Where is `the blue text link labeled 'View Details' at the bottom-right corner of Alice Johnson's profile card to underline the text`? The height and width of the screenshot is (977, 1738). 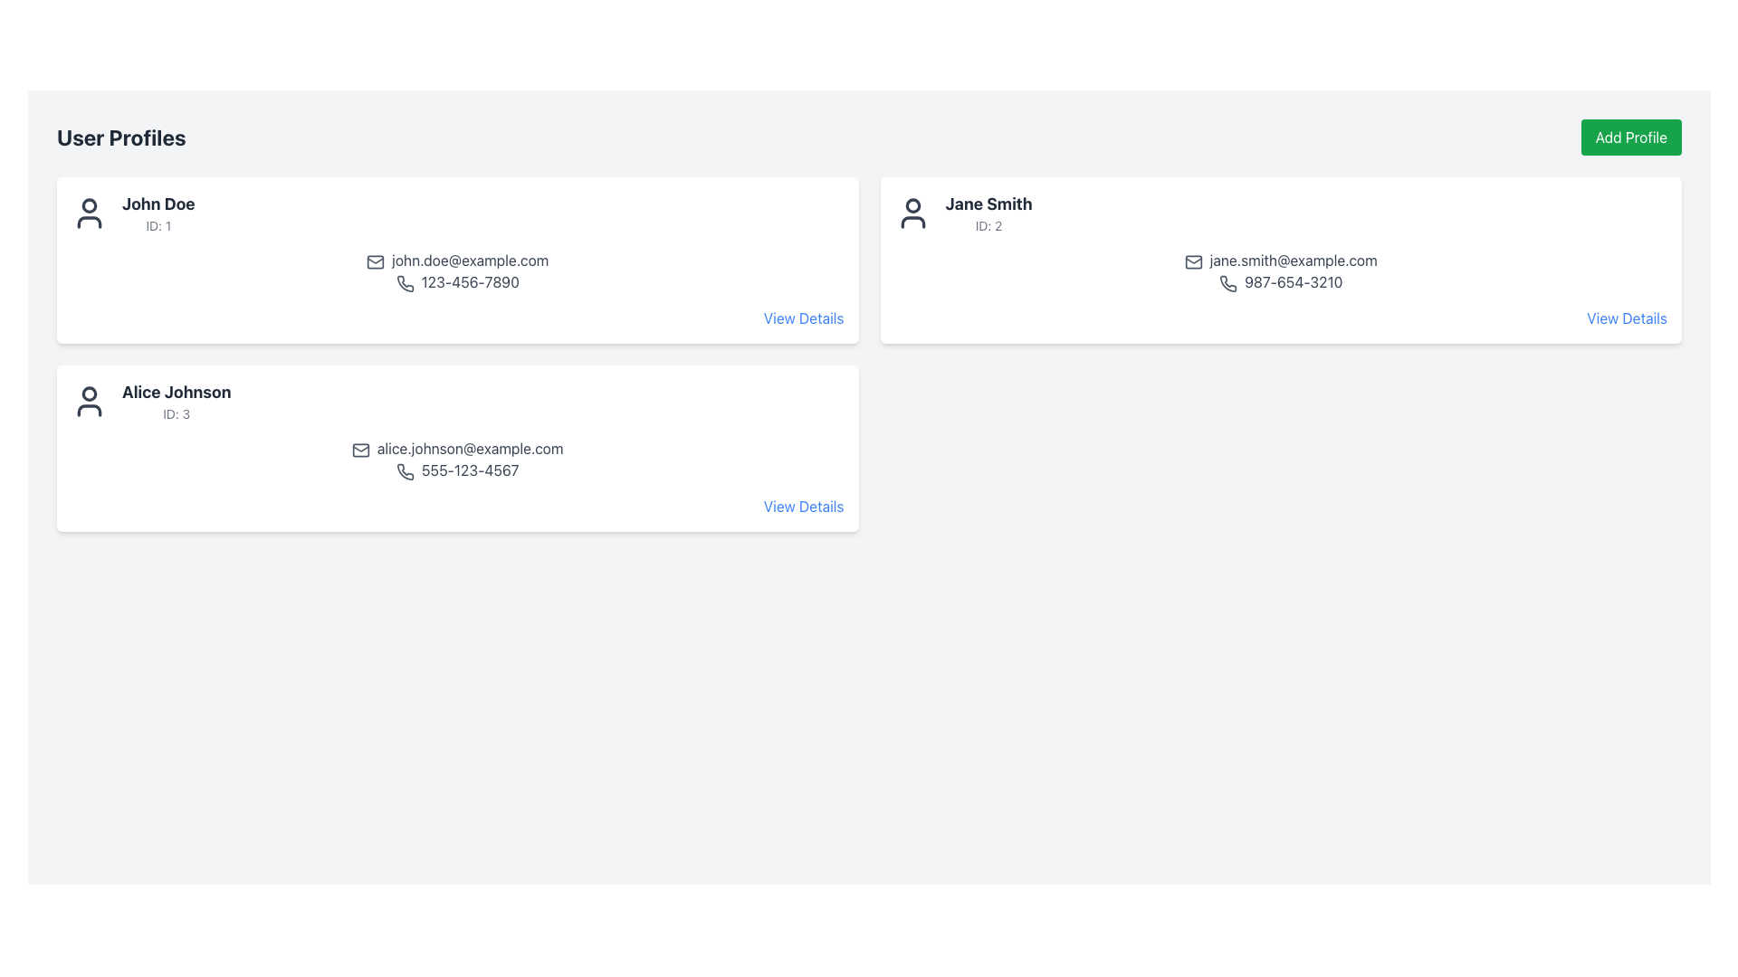 the blue text link labeled 'View Details' at the bottom-right corner of Alice Johnson's profile card to underline the text is located at coordinates (803, 506).